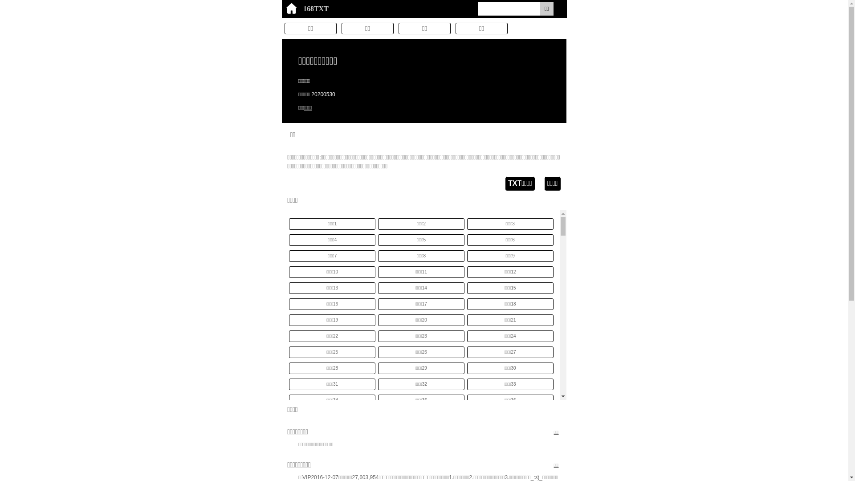 The height and width of the screenshot is (481, 855). What do you see at coordinates (281, 8) in the screenshot?
I see `'168TXT'` at bounding box center [281, 8].